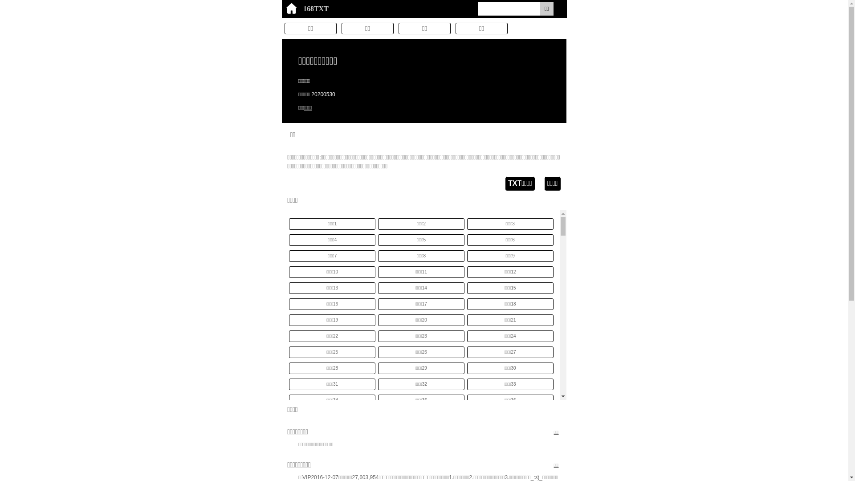 The height and width of the screenshot is (481, 855). What do you see at coordinates (281, 8) in the screenshot?
I see `'168TXT'` at bounding box center [281, 8].